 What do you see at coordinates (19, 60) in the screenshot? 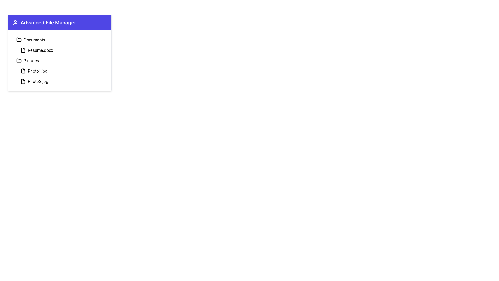
I see `the second folder icon named 'Pictures' in the 'Advanced File Manager' panel` at bounding box center [19, 60].